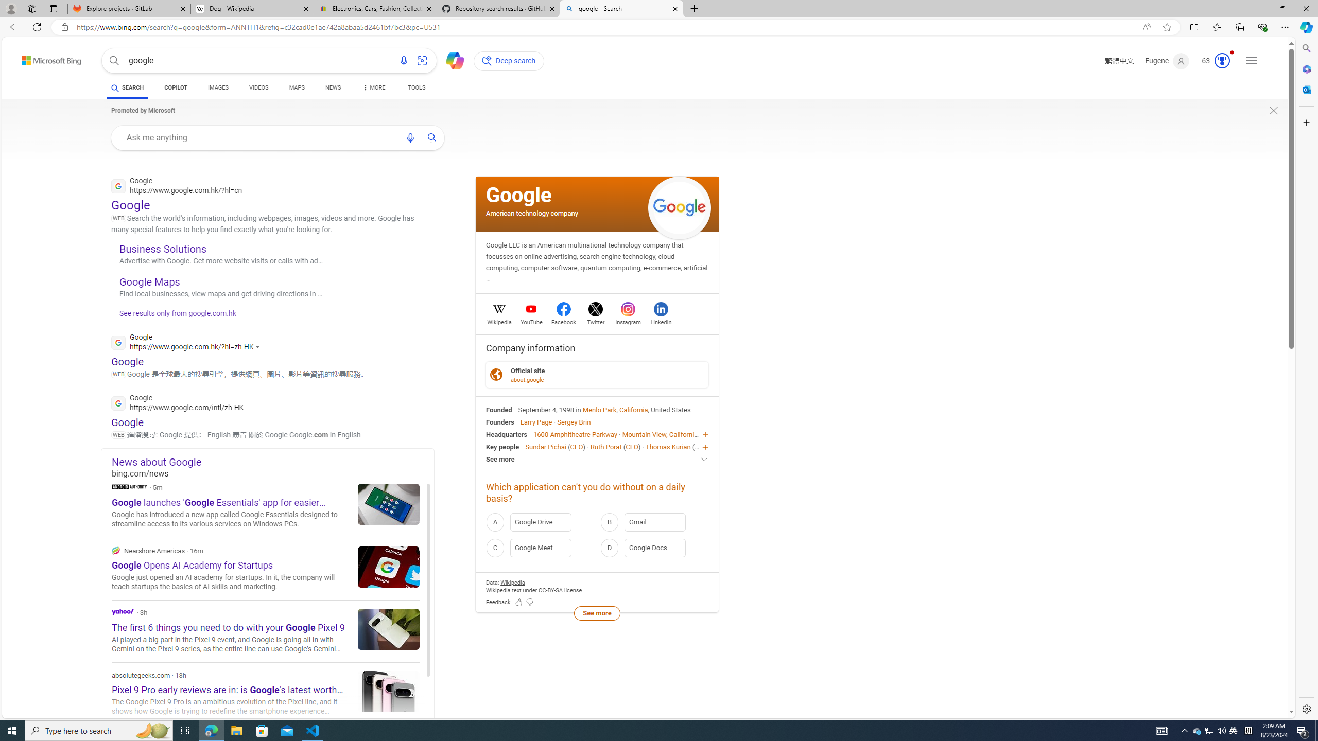 The height and width of the screenshot is (741, 1318). I want to click on 'google - Search', so click(620, 8).